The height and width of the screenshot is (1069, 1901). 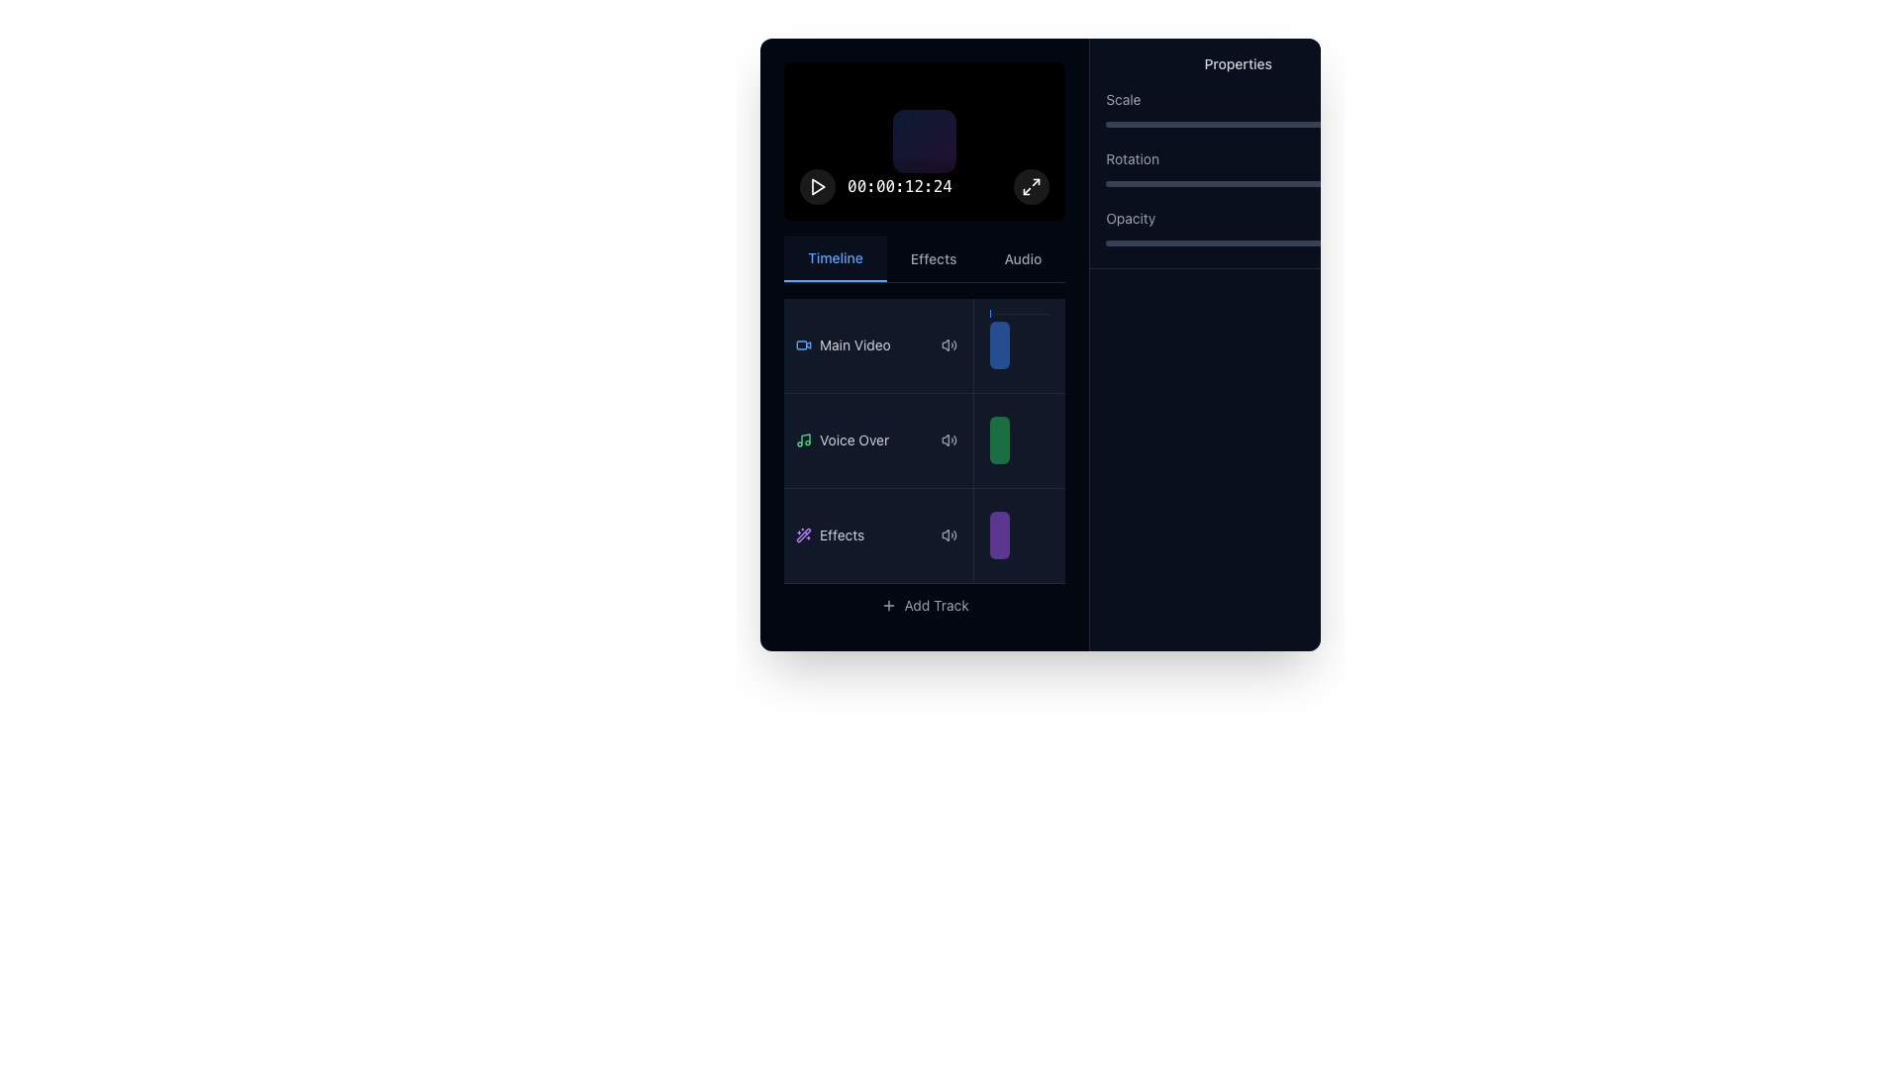 I want to click on the scale property, so click(x=1229, y=125).